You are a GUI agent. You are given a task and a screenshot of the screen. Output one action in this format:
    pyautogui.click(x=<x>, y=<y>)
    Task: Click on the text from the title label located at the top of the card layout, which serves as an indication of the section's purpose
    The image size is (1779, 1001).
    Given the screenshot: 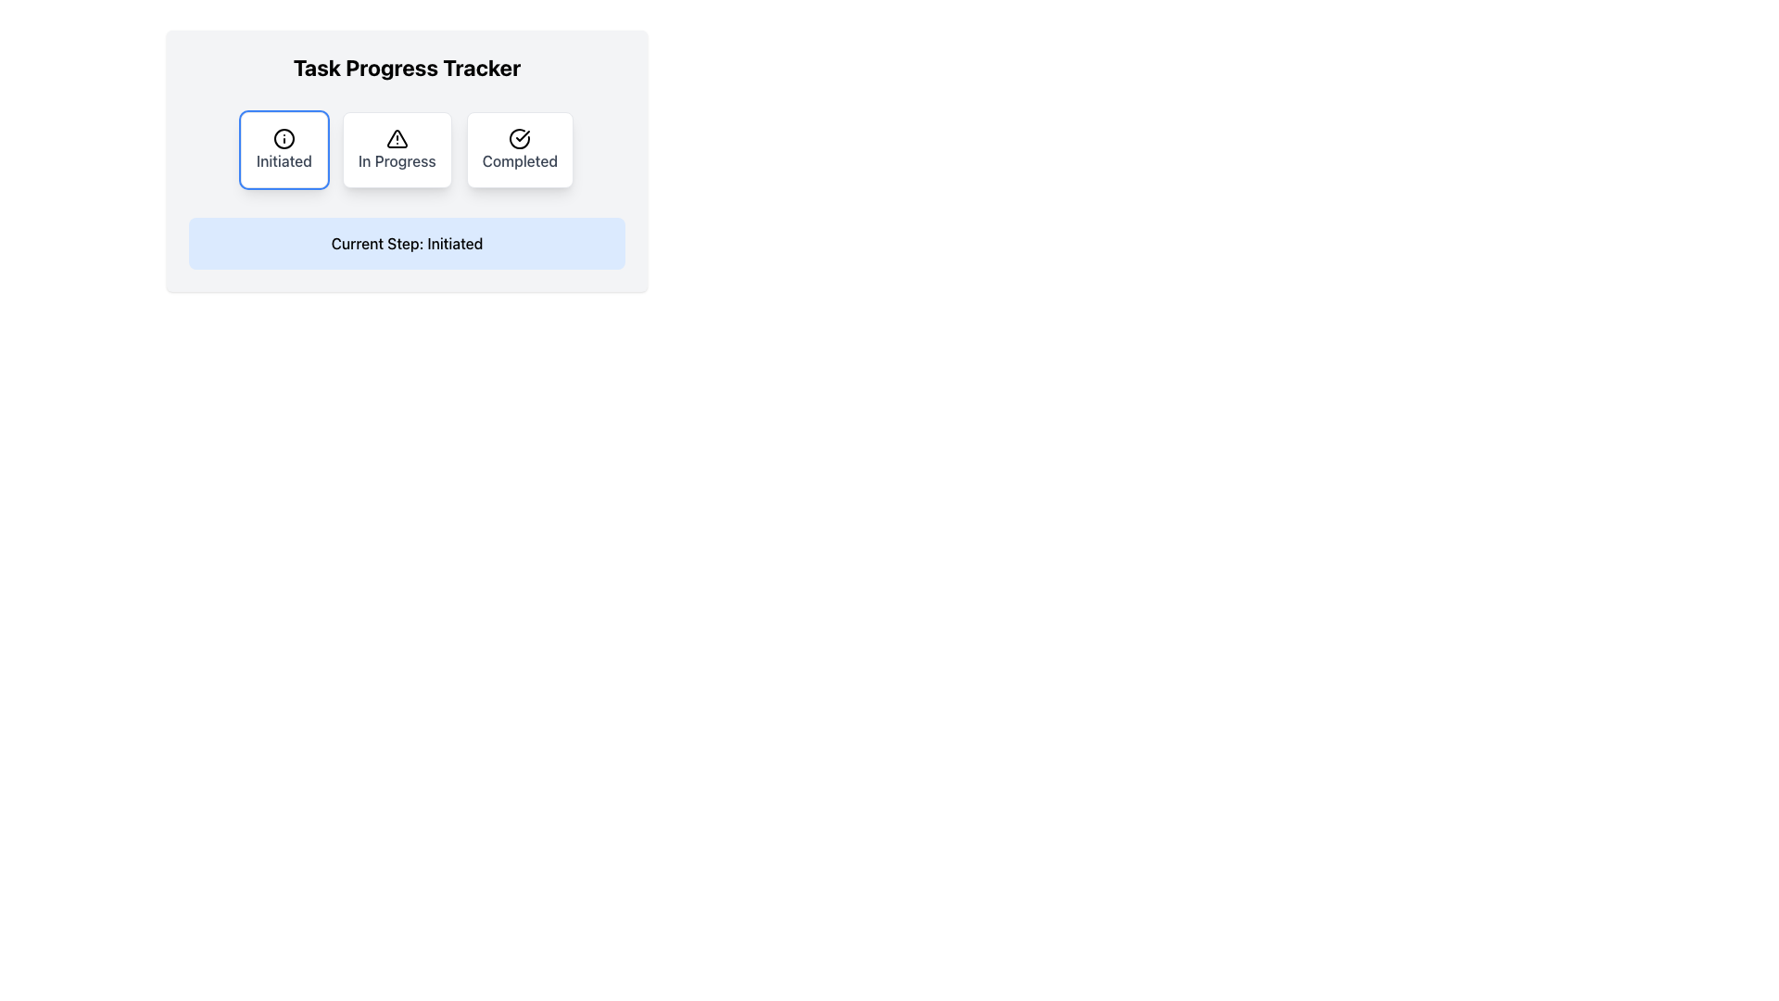 What is the action you would take?
    pyautogui.click(x=406, y=67)
    